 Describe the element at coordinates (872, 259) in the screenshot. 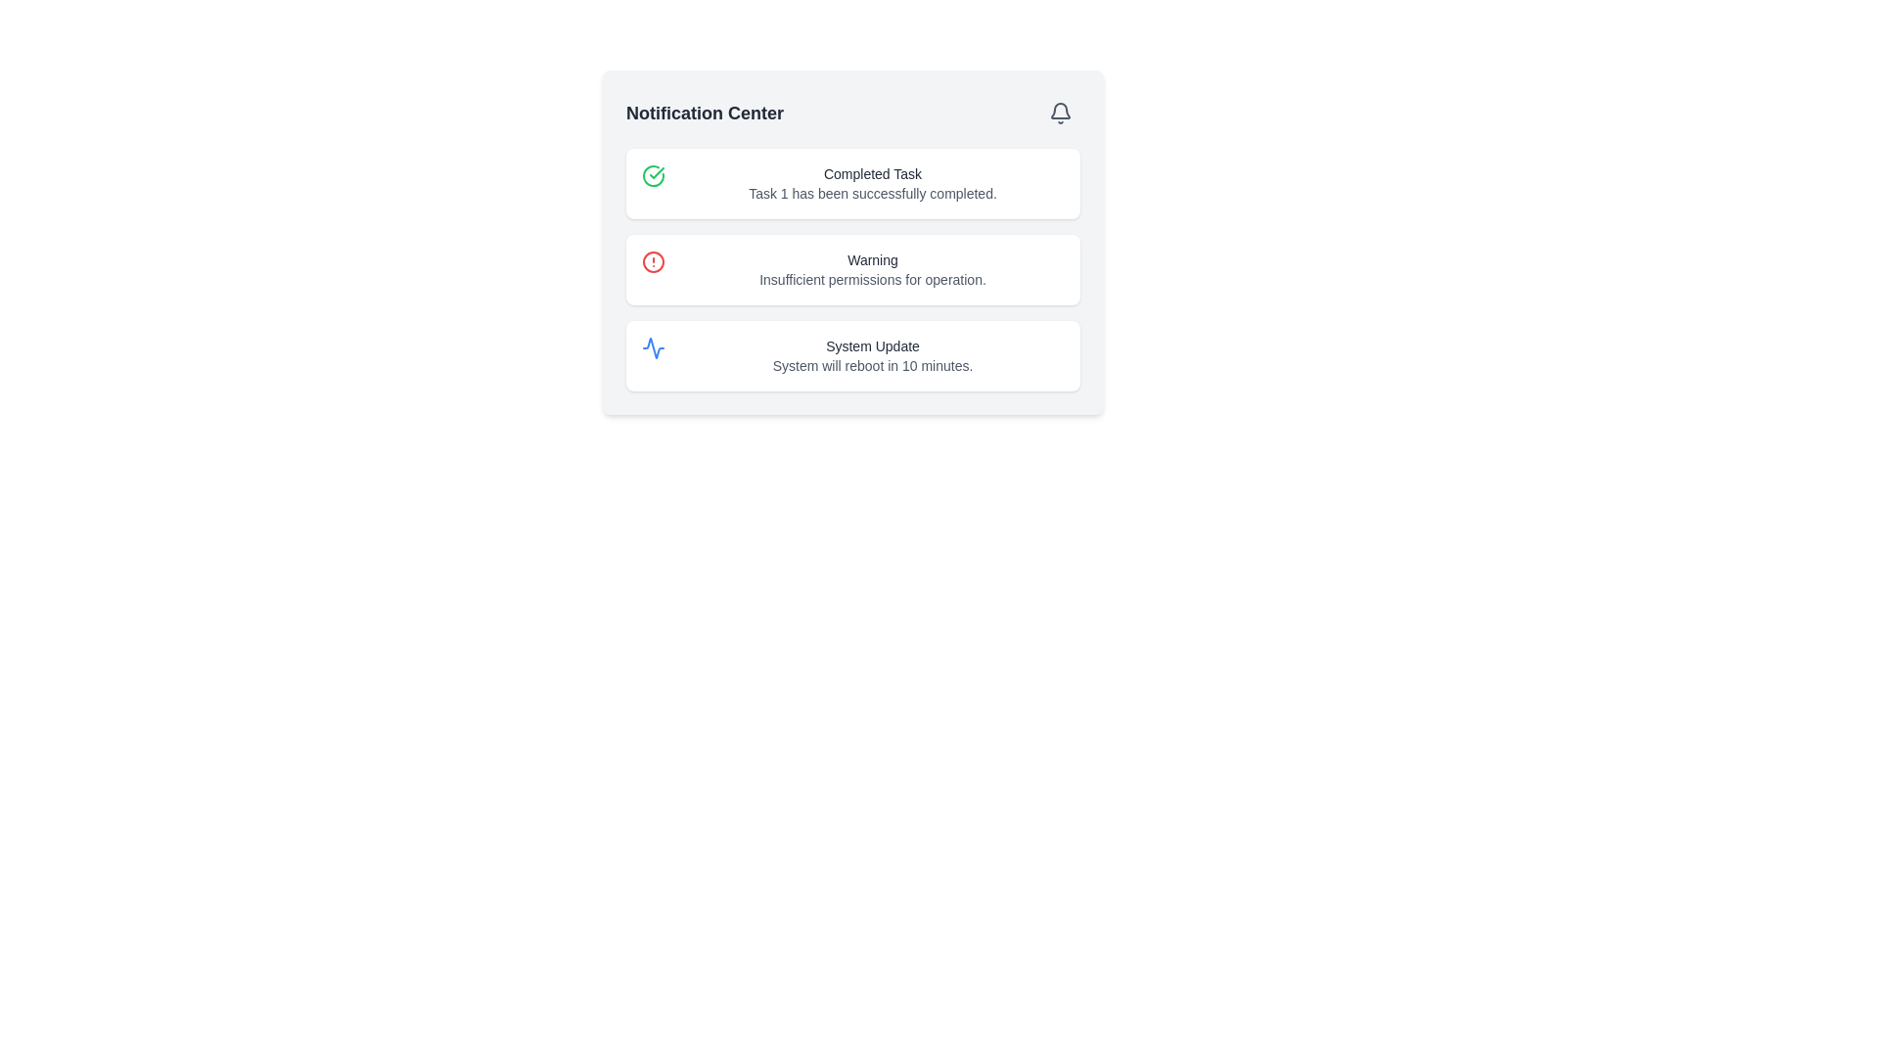

I see `the text label indicating the primary category of the notification in the Notification Center, positioned above the description 'Insufficient permissions for operation.'` at that location.